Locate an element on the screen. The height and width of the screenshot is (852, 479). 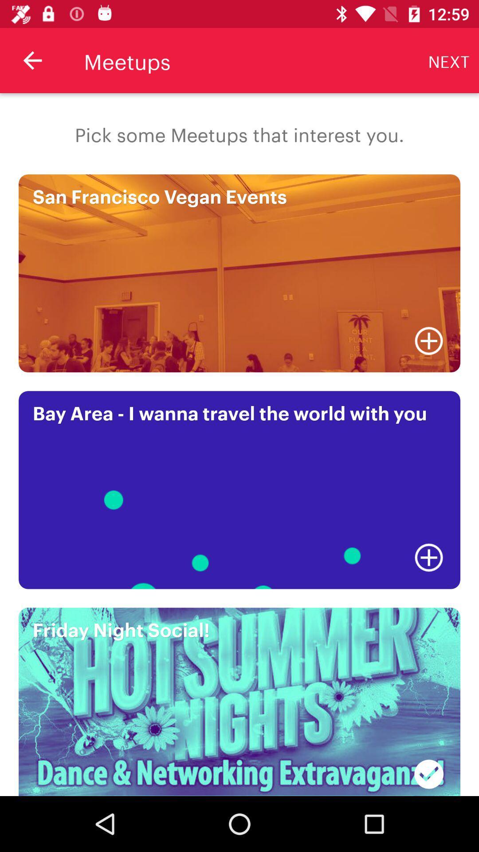
plus sign under bay area is located at coordinates (428, 557).